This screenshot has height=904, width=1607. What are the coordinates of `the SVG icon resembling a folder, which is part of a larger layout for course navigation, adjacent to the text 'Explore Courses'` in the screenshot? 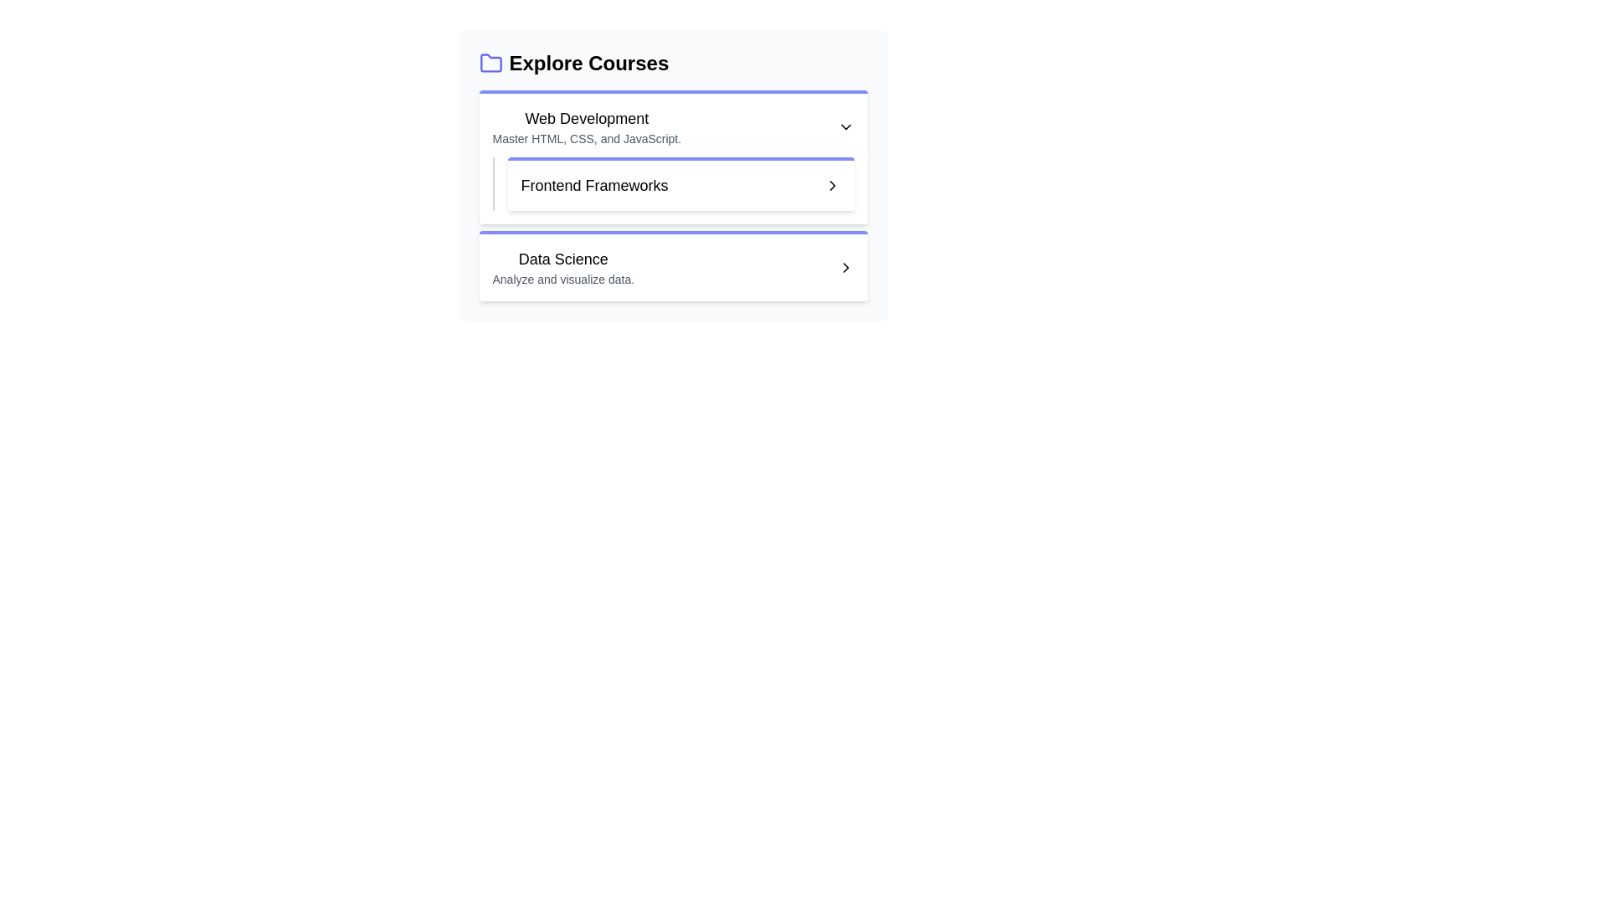 It's located at (490, 62).